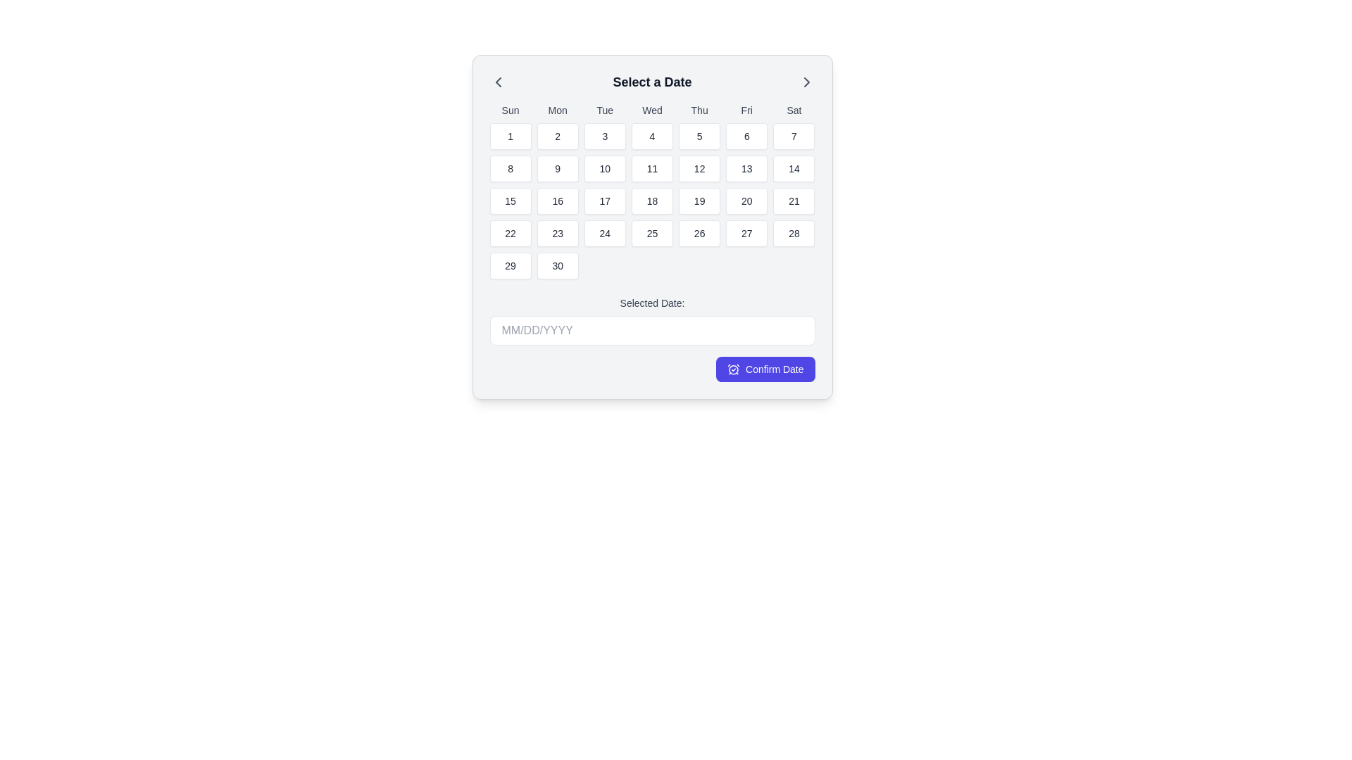 The height and width of the screenshot is (760, 1352). What do you see at coordinates (794, 110) in the screenshot?
I see `the non-interactive text label representing Saturday in the weekly calendar header` at bounding box center [794, 110].